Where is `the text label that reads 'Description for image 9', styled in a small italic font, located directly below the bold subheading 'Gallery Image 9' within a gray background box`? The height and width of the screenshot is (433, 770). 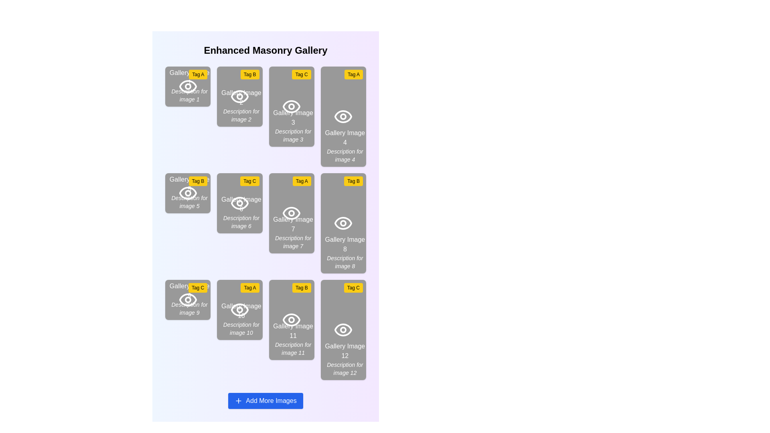
the text label that reads 'Description for image 9', styled in a small italic font, located directly below the bold subheading 'Gallery Image 9' within a gray background box is located at coordinates (189, 308).